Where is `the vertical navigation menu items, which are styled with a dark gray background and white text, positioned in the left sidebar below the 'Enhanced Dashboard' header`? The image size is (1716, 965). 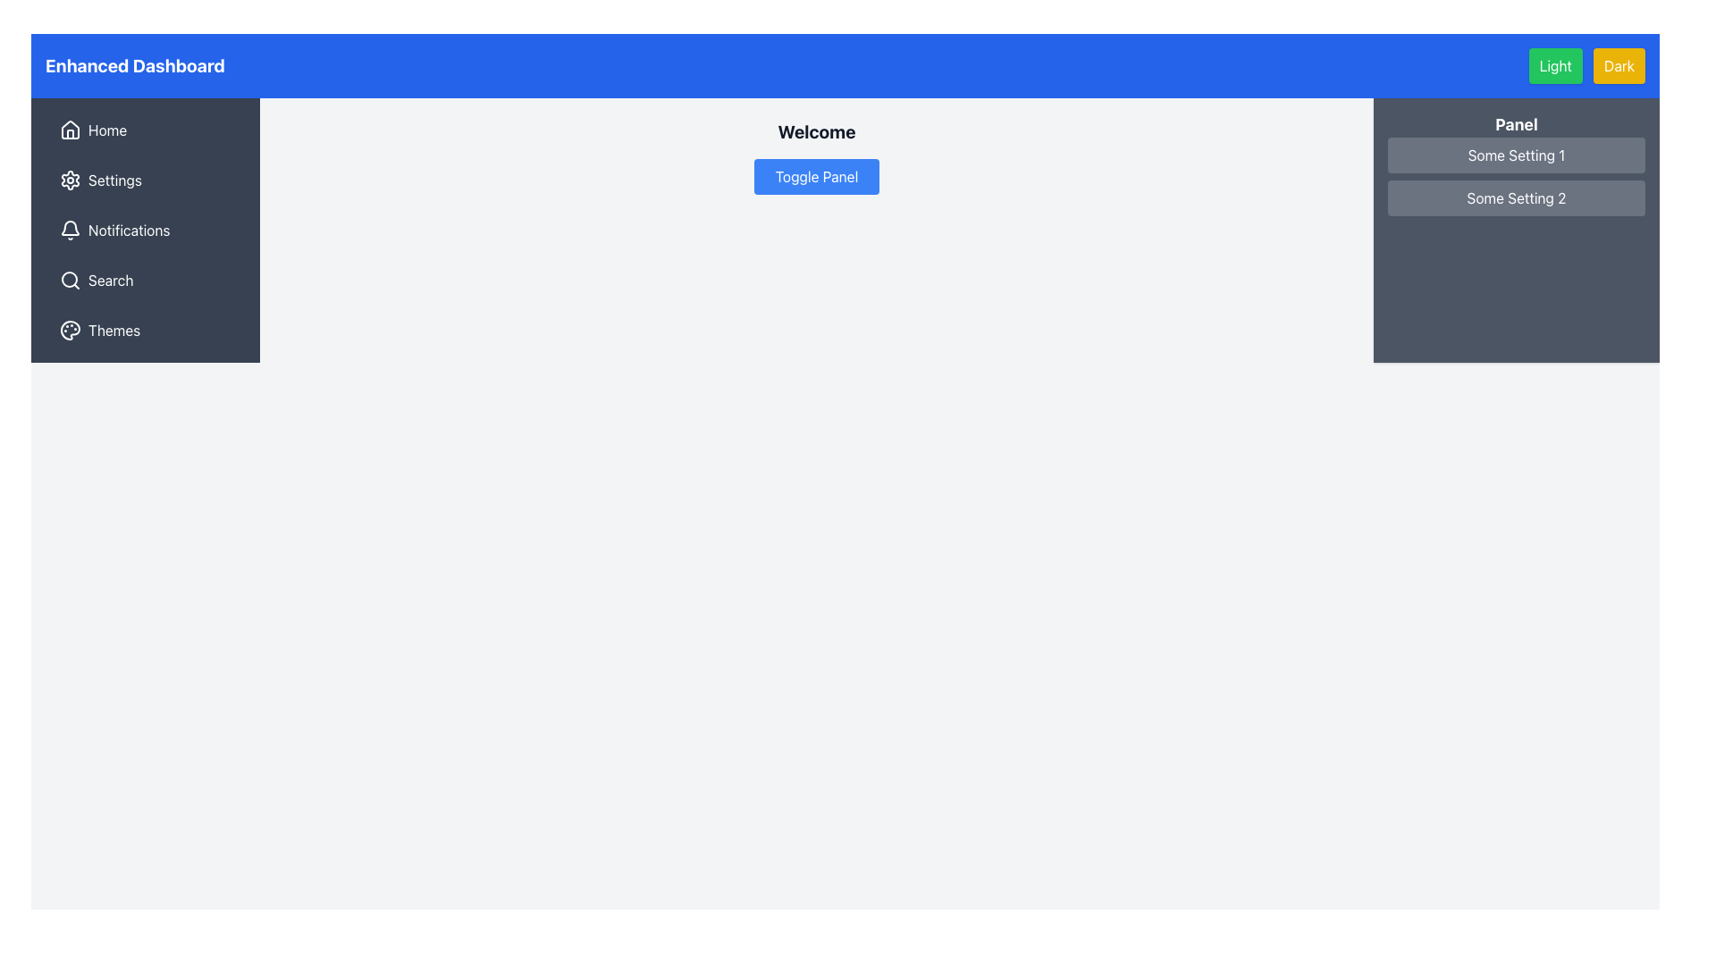 the vertical navigation menu items, which are styled with a dark gray background and white text, positioned in the left sidebar below the 'Enhanced Dashboard' header is located at coordinates (146, 230).